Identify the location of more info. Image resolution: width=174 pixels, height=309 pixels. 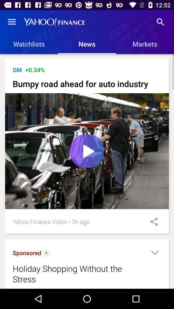
(154, 254).